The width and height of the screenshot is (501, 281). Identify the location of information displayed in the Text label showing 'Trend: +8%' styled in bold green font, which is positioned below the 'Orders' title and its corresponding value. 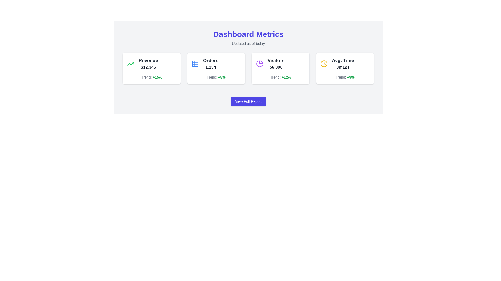
(216, 77).